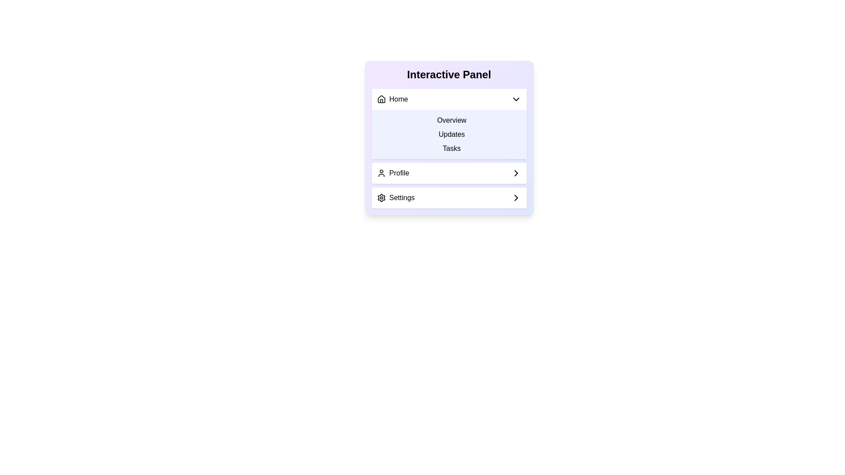  I want to click on the Text label with an icon in the Interactive Panel, so click(395, 198).